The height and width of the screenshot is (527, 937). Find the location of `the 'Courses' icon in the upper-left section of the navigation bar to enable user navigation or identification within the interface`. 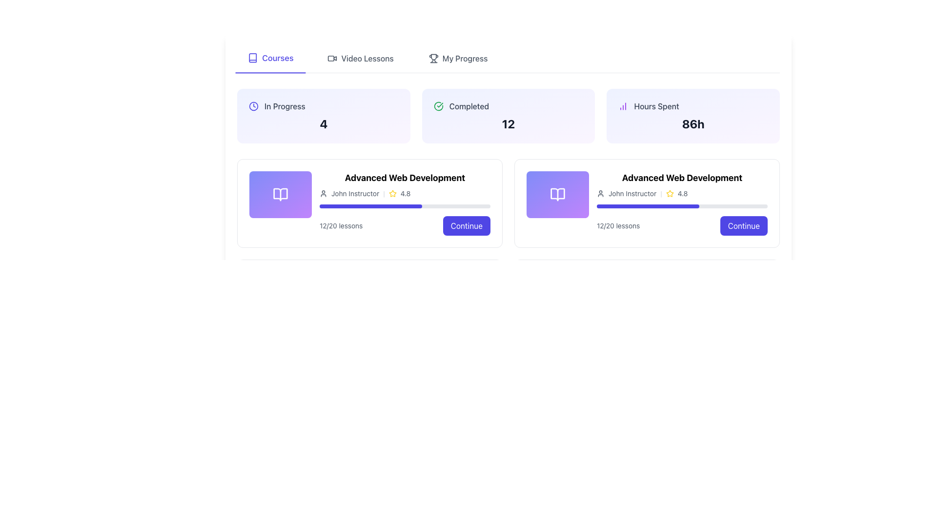

the 'Courses' icon in the upper-left section of the navigation bar to enable user navigation or identification within the interface is located at coordinates (253, 58).